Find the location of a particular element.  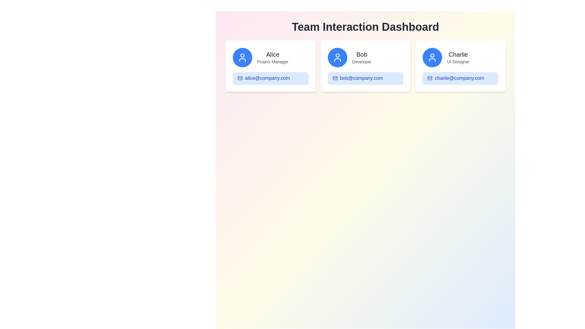

the curved line forming the bottom part of the user icon silhouette in the profile card for 'Charlie', marked as 'UI Designer', within the blue circular icon on the Team Interaction Dashboard is located at coordinates (432, 60).